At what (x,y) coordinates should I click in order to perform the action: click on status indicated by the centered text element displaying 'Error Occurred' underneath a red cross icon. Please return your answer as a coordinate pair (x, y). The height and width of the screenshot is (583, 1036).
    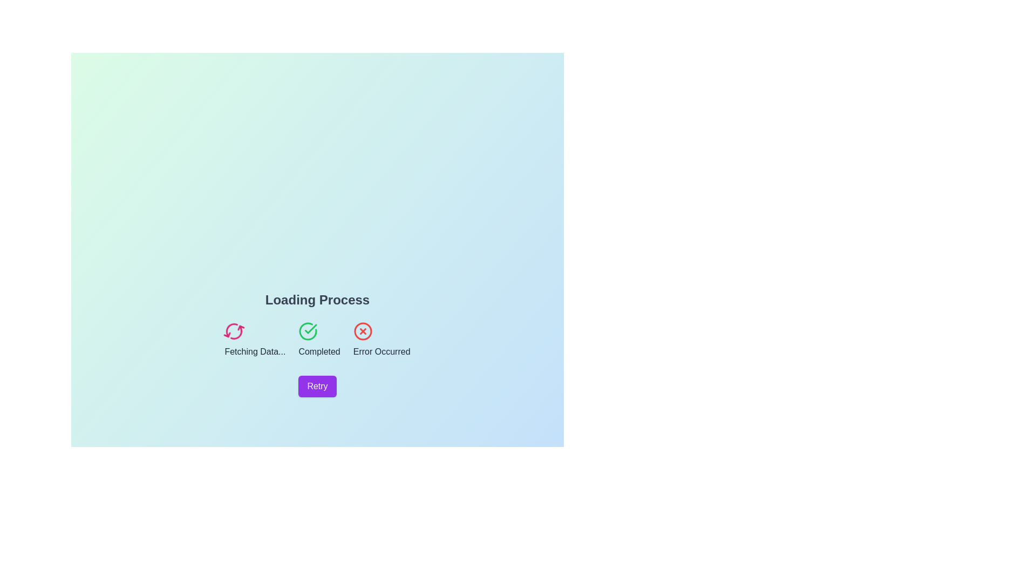
    Looking at the image, I should click on (381, 339).